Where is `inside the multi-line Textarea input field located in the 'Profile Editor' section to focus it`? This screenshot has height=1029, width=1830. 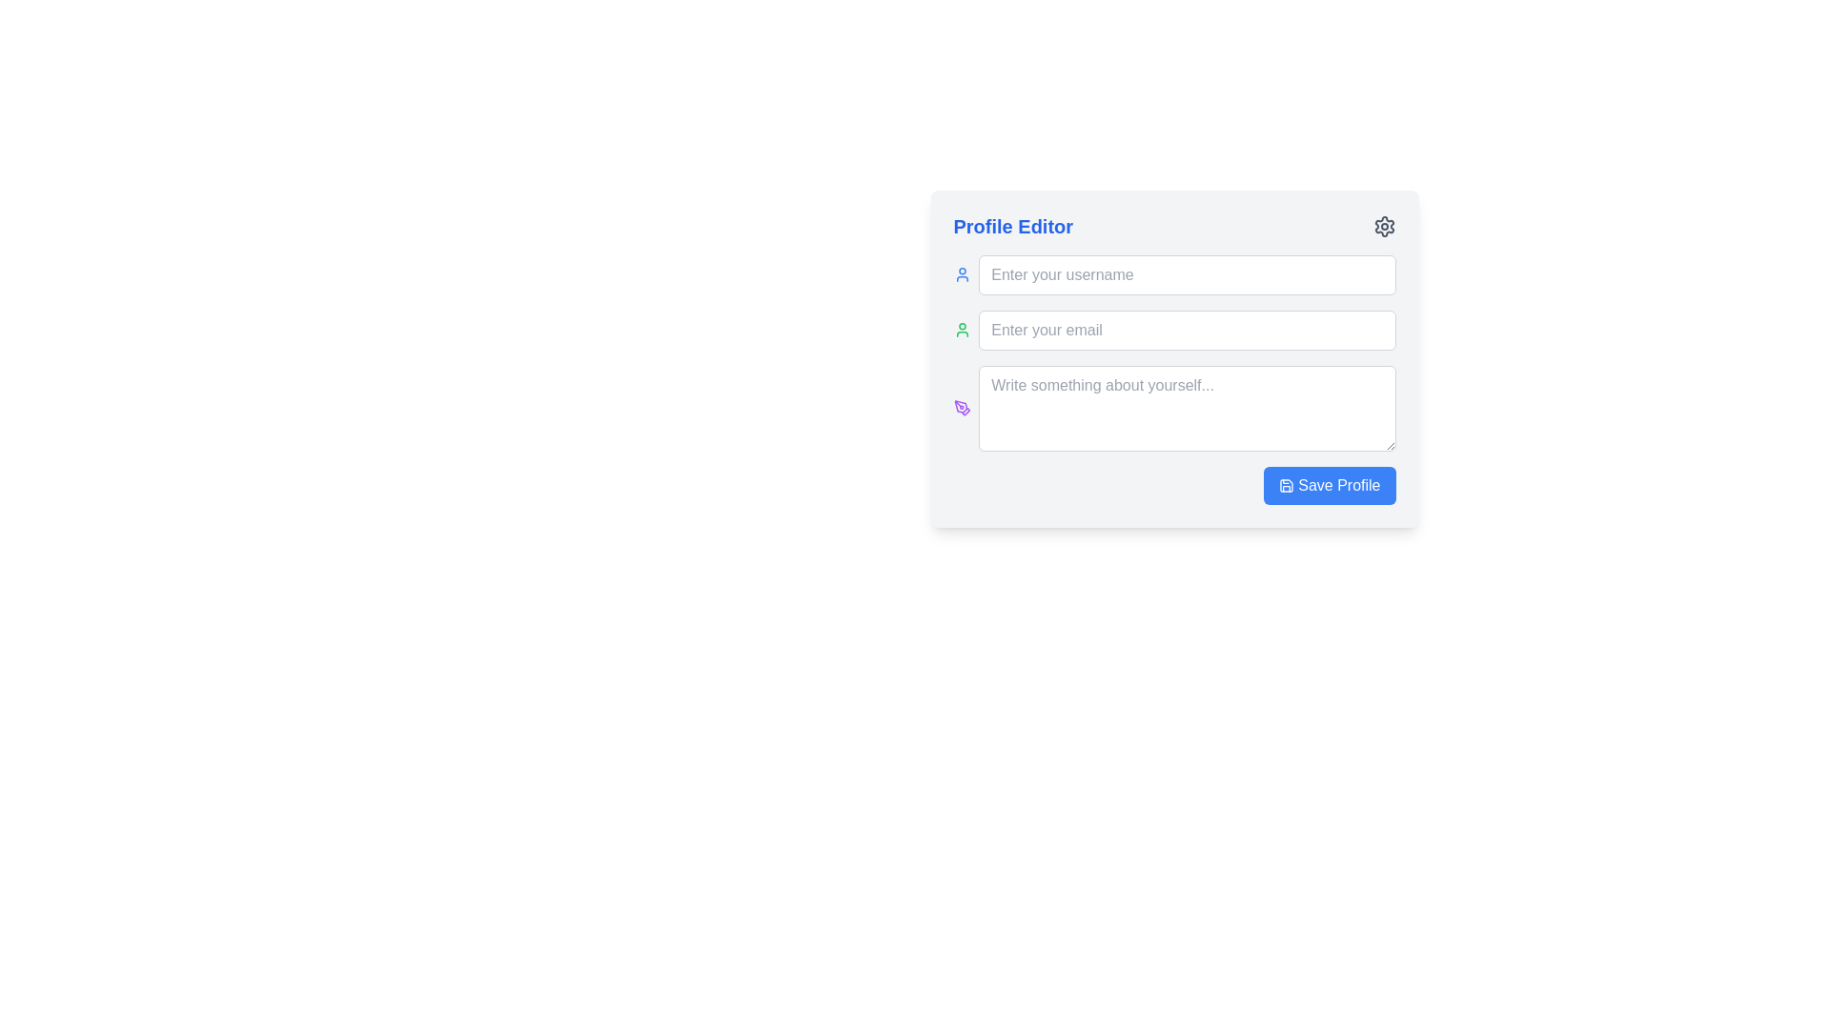 inside the multi-line Textarea input field located in the 'Profile Editor' section to focus it is located at coordinates (1173, 407).